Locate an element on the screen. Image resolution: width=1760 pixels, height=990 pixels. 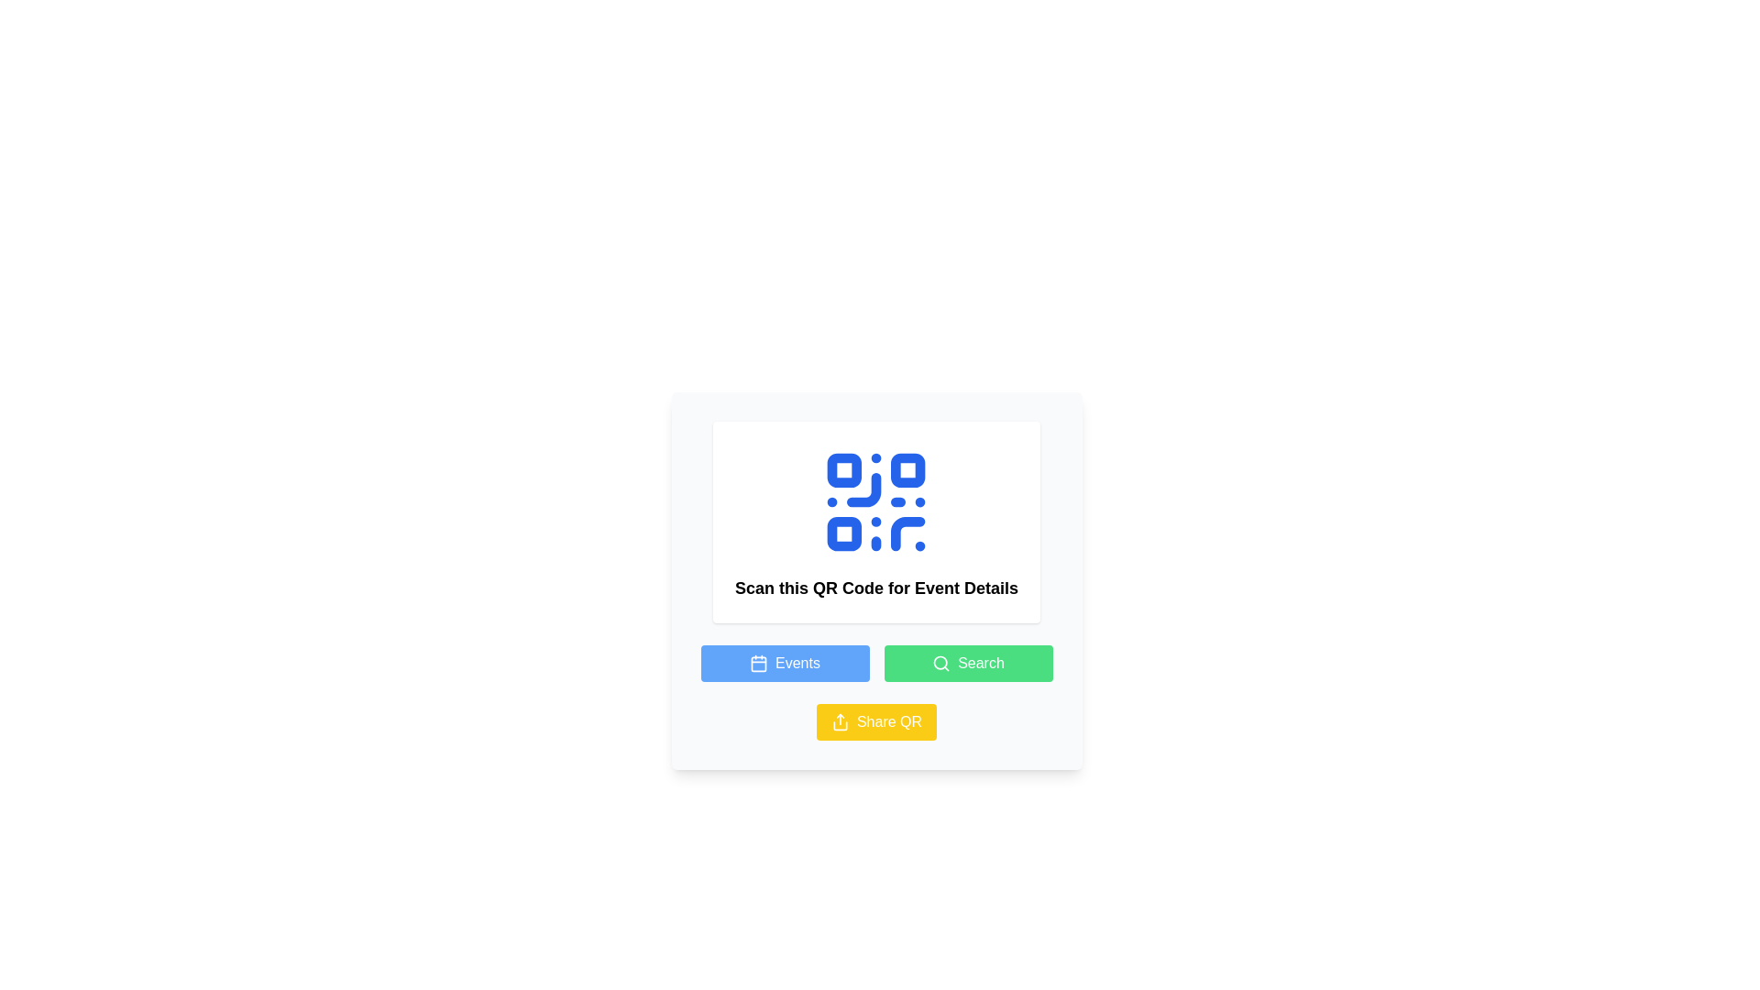
the search icon located inside the green 'Search' button, adjacent to the text label 'Search' is located at coordinates (941, 664).